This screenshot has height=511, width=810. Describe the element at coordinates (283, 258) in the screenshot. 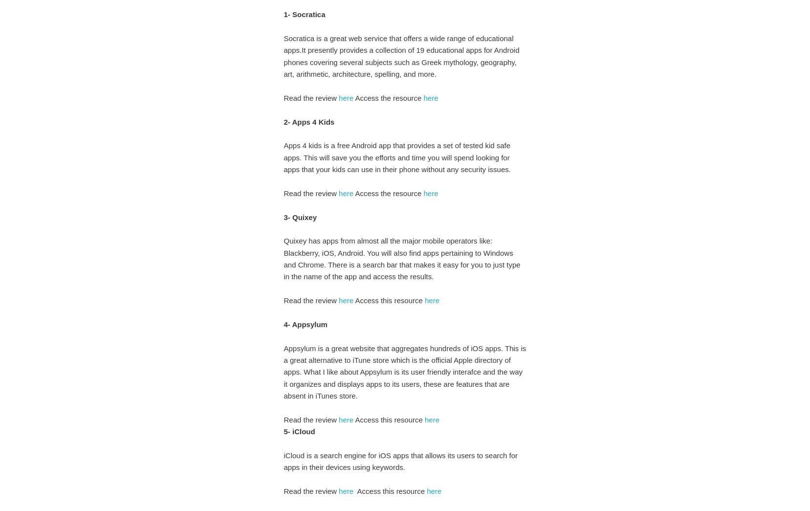

I see `'Quixey has apps from almost all the major mobile operators like: Blackberry, iOS, Android. You will also find apps pertaining to Windows and Chrome. There is a search bar that makes it easy for you to just type in the name of the app and access the results.'` at that location.